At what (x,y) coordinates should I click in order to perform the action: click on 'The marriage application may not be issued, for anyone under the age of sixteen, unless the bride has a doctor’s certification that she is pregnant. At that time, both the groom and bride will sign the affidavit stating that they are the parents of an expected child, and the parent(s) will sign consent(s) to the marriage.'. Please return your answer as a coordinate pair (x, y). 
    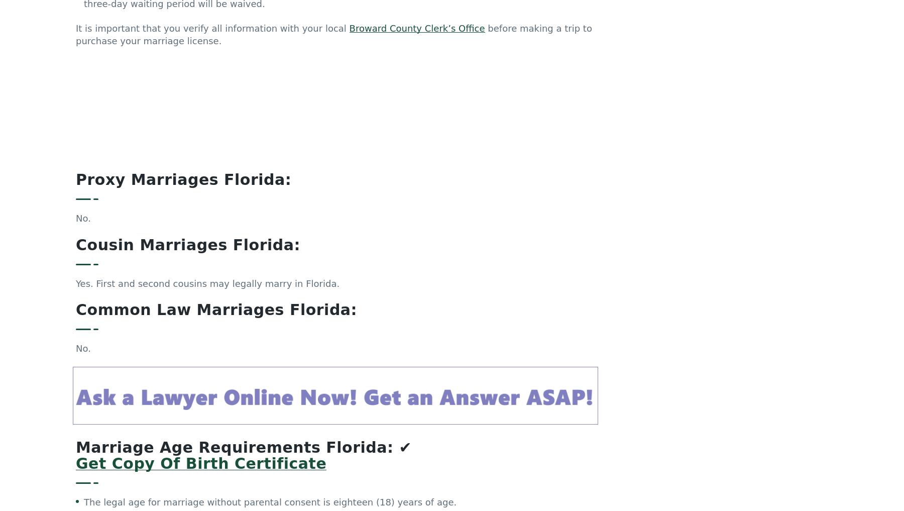
    Looking at the image, I should click on (340, 468).